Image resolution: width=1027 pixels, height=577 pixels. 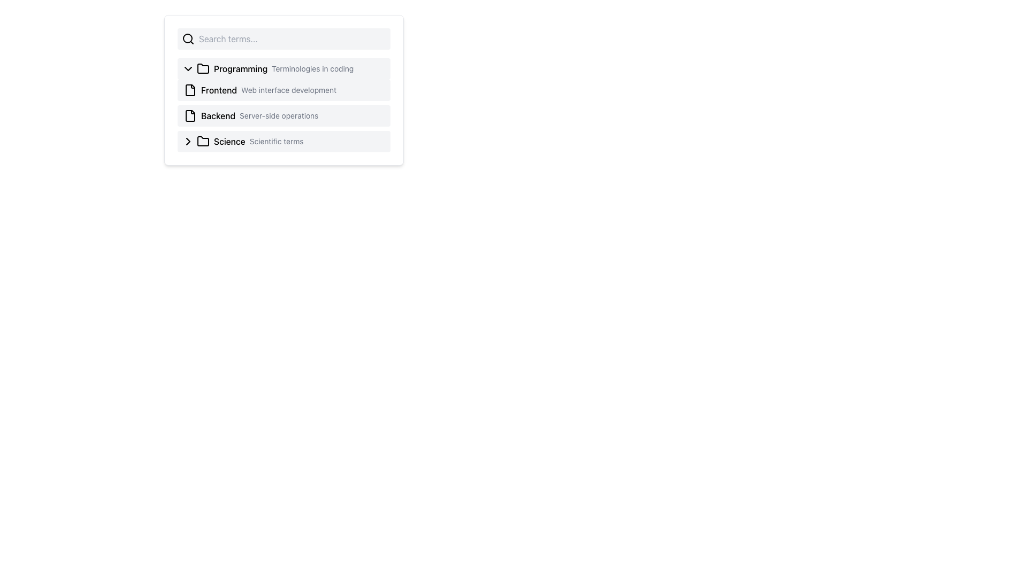 What do you see at coordinates (288, 90) in the screenshot?
I see `text label displaying 'Web interface development' in gray, located next to the bold 'Frontend' text under the 'Programming' category` at bounding box center [288, 90].